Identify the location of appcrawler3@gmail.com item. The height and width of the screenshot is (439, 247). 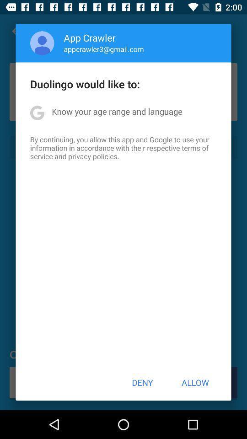
(103, 49).